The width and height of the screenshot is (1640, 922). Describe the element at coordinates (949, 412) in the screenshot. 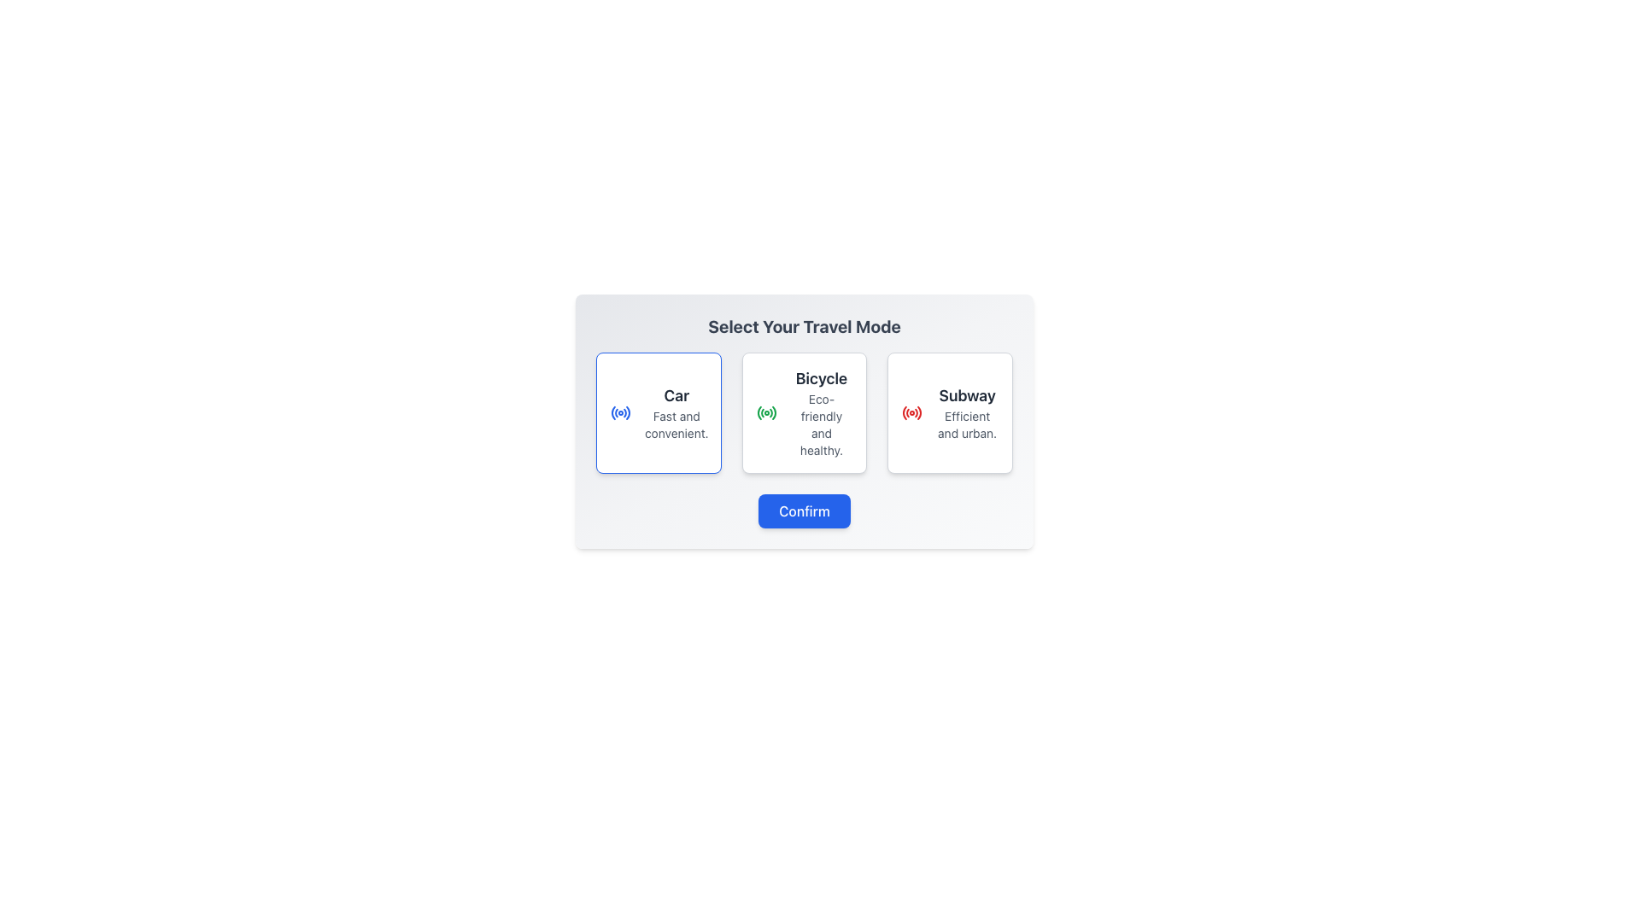

I see `the 'Subway' card in the selection interface to trigger the hover effect` at that location.